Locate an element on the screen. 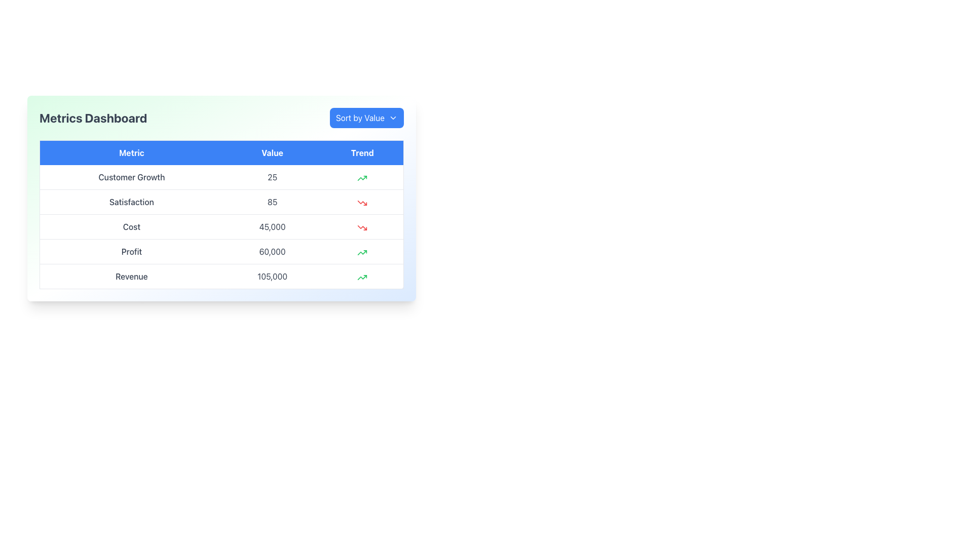 The width and height of the screenshot is (973, 547). the red downward arrow icon located in the 'Trend' column of the 'Cost' row in the table is located at coordinates (362, 227).